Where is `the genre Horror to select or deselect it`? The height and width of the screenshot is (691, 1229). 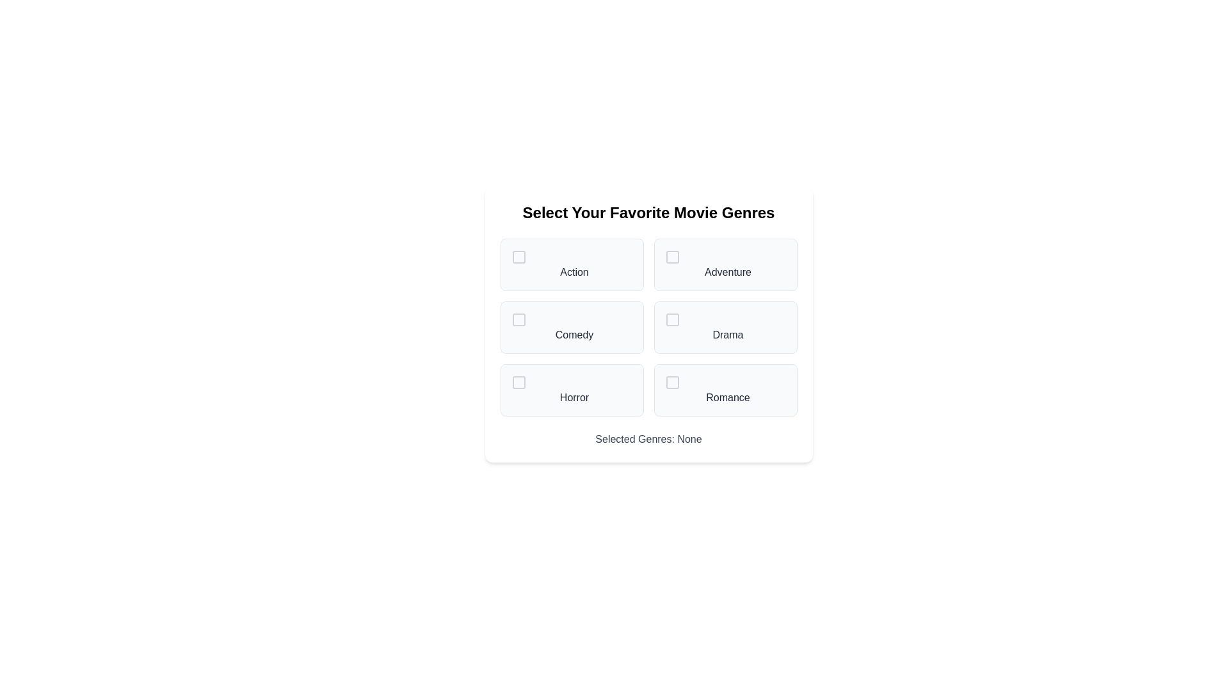 the genre Horror to select or deselect it is located at coordinates (571, 389).